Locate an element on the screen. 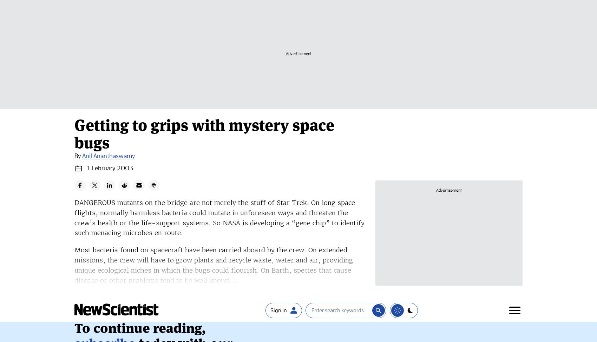 The width and height of the screenshot is (597, 342). '*Cancel anytime within 14 days of payment to receive a refund on unserved issues.' is located at coordinates (145, 148).